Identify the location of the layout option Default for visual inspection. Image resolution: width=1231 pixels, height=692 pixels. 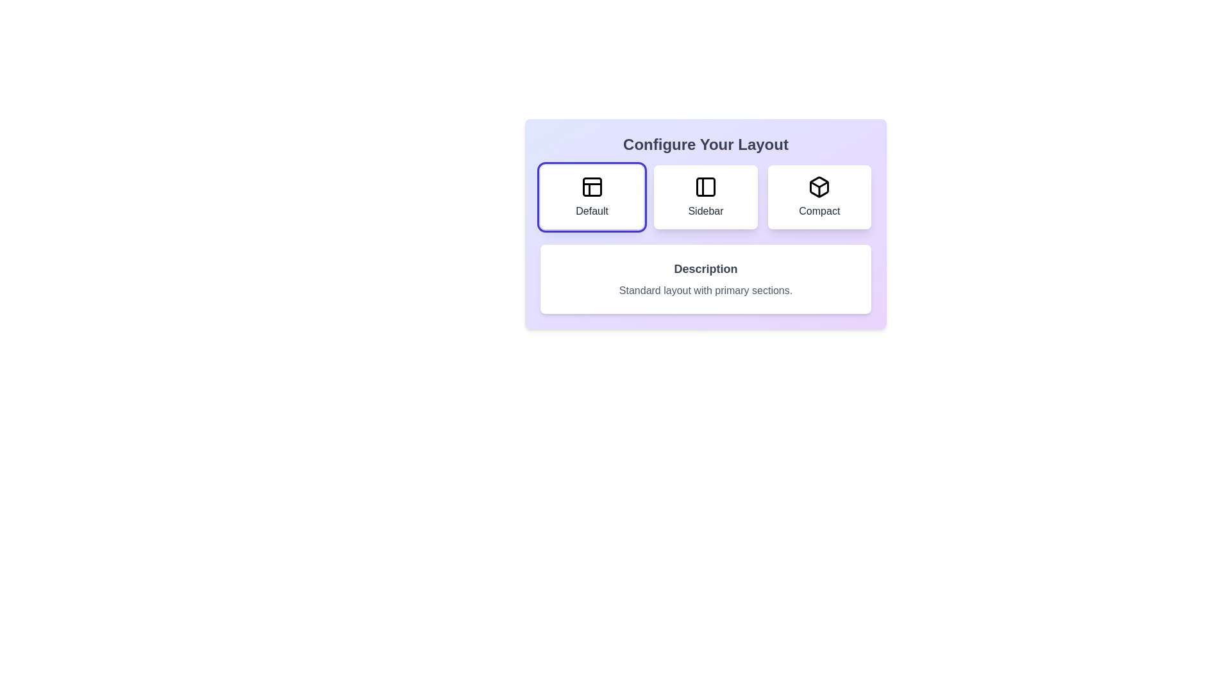
(591, 197).